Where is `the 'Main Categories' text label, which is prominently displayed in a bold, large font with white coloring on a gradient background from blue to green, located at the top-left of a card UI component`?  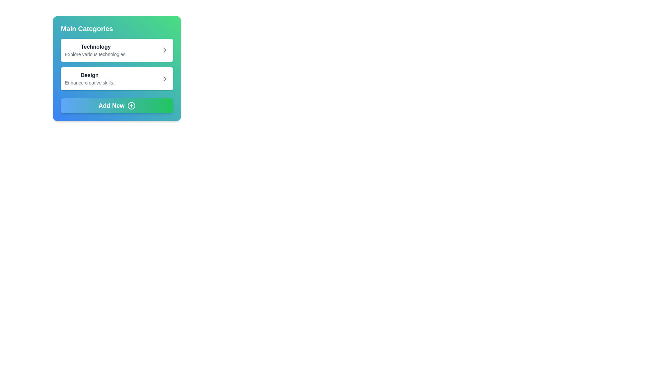
the 'Main Categories' text label, which is prominently displayed in a bold, large font with white coloring on a gradient background from blue to green, located at the top-left of a card UI component is located at coordinates (87, 28).